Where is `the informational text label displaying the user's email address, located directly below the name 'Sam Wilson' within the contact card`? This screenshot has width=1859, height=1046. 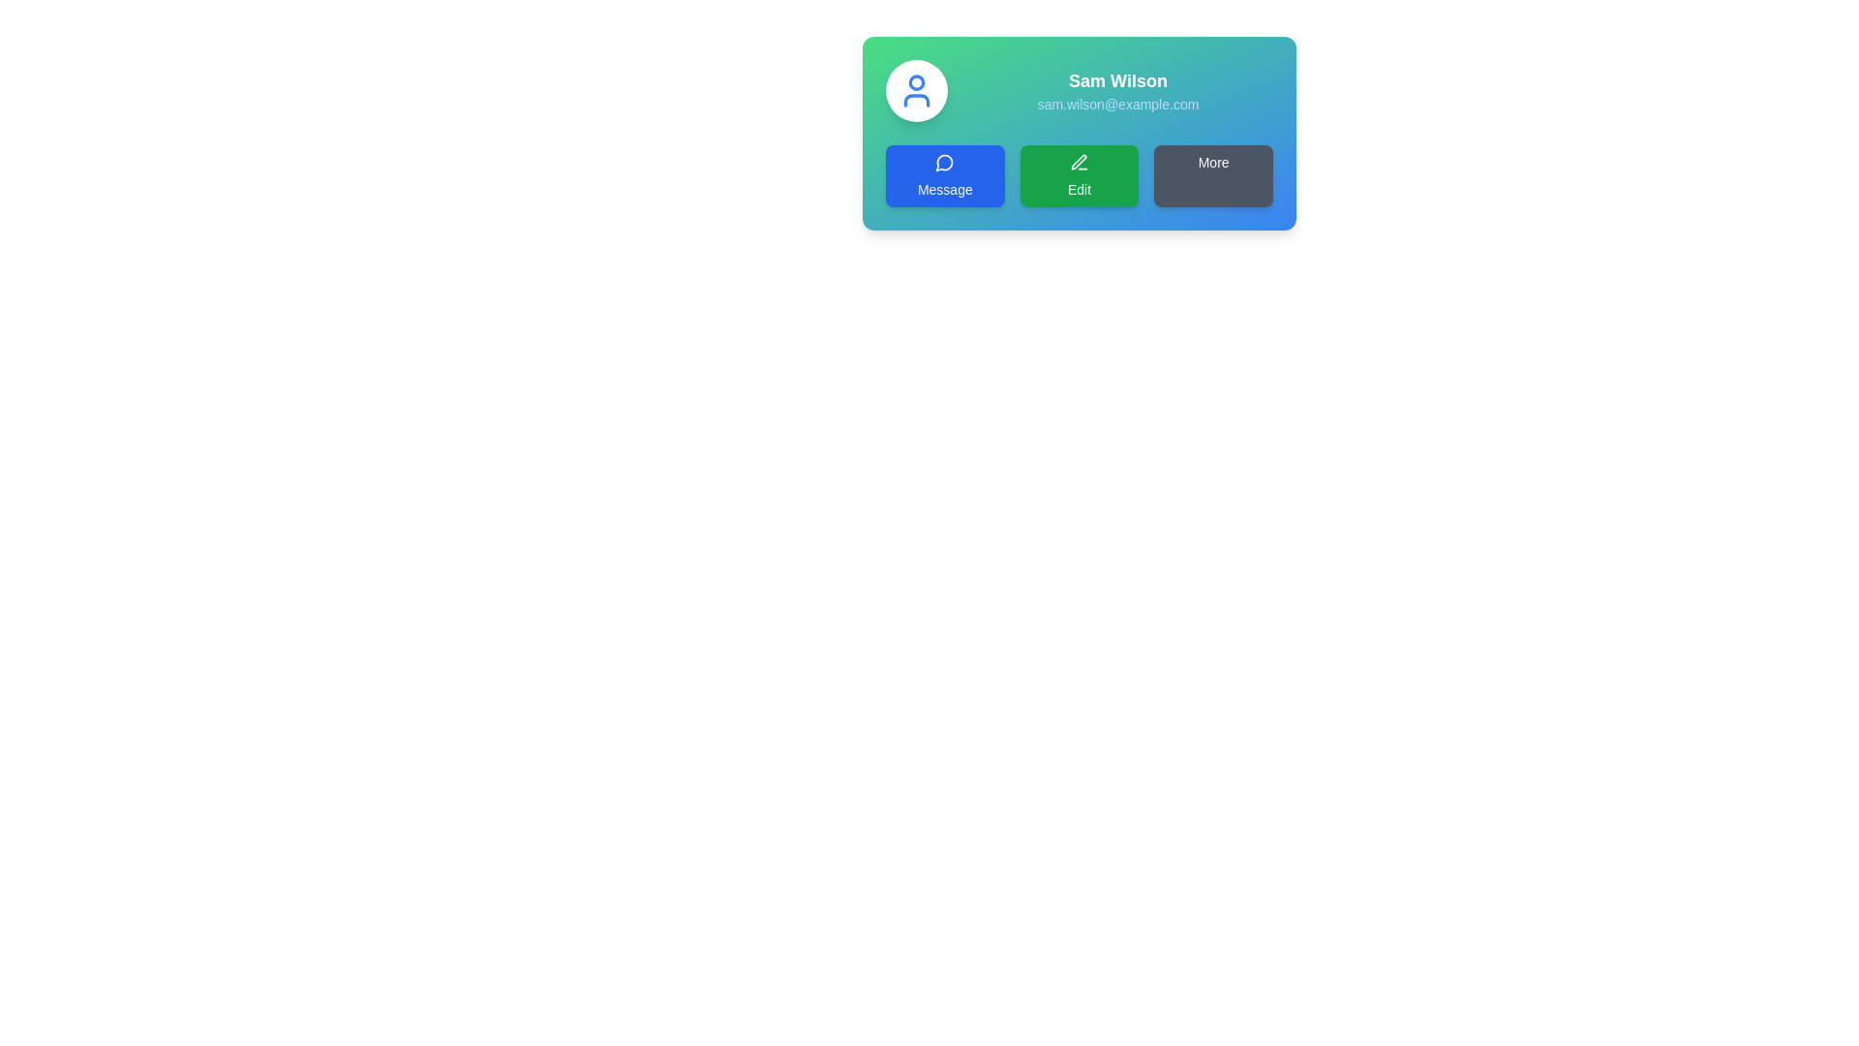
the informational text label displaying the user's email address, located directly below the name 'Sam Wilson' within the contact card is located at coordinates (1118, 105).